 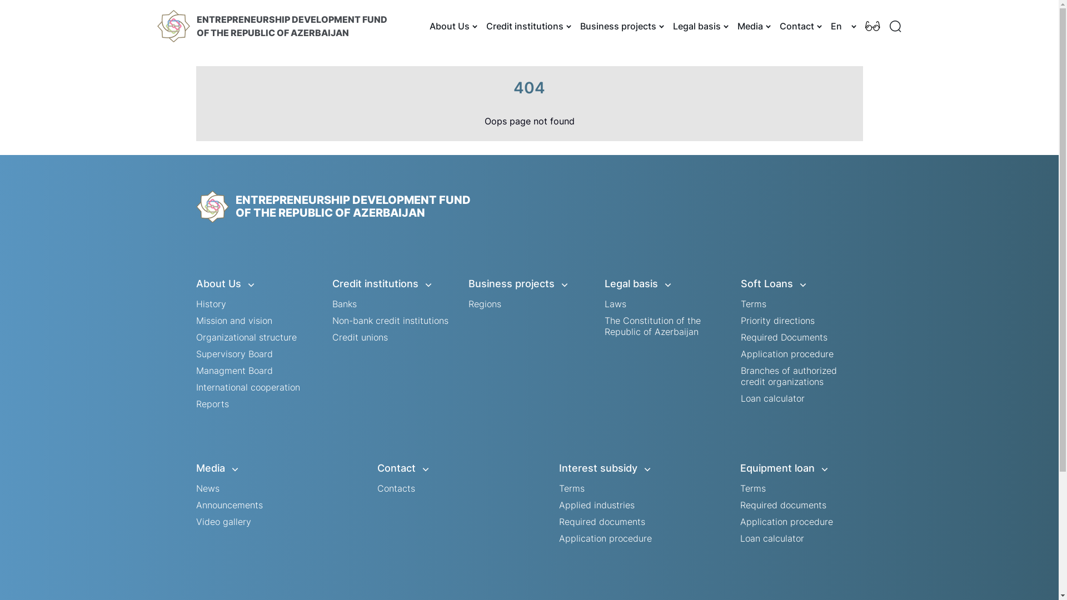 What do you see at coordinates (526, 25) in the screenshot?
I see `'Credit institutions'` at bounding box center [526, 25].